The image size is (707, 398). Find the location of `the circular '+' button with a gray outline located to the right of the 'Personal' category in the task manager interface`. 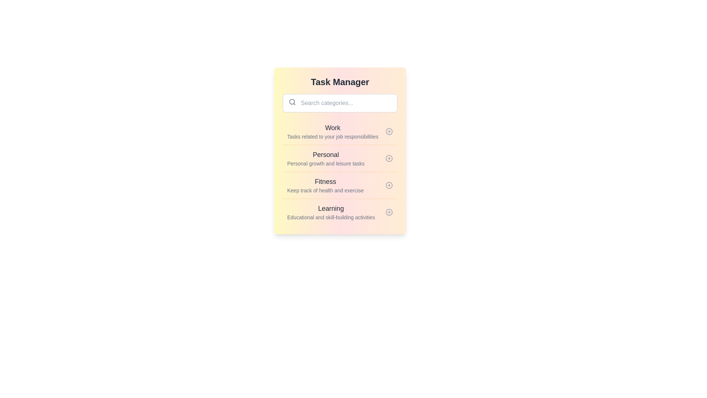

the circular '+' button with a gray outline located to the right of the 'Personal' category in the task manager interface is located at coordinates (388, 158).